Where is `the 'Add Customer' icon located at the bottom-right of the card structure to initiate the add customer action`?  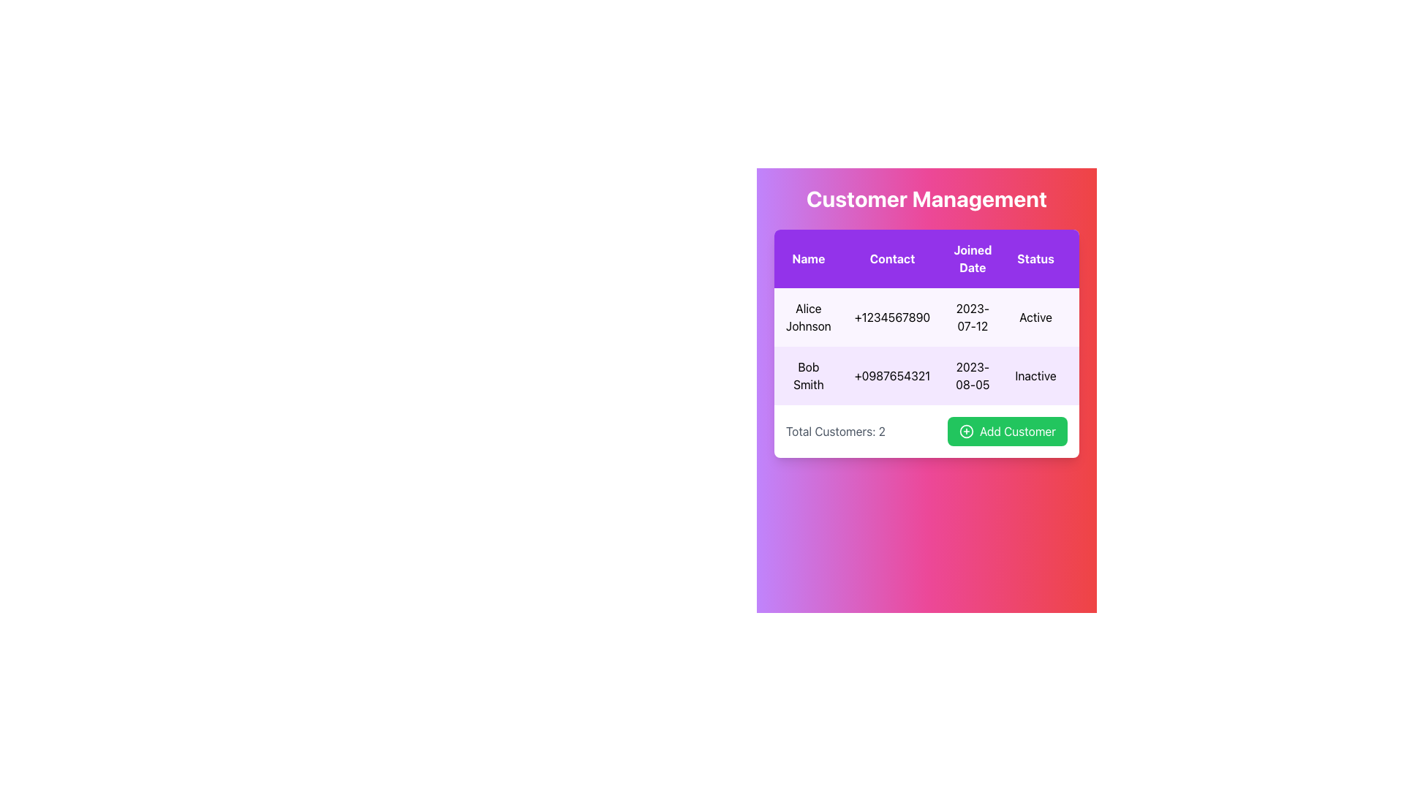 the 'Add Customer' icon located at the bottom-right of the card structure to initiate the add customer action is located at coordinates (966, 431).